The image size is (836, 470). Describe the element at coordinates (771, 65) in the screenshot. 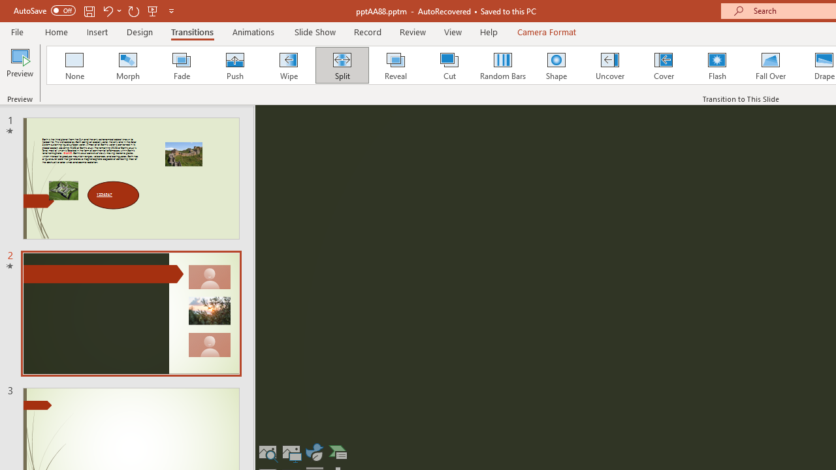

I see `'Fall Over'` at that location.